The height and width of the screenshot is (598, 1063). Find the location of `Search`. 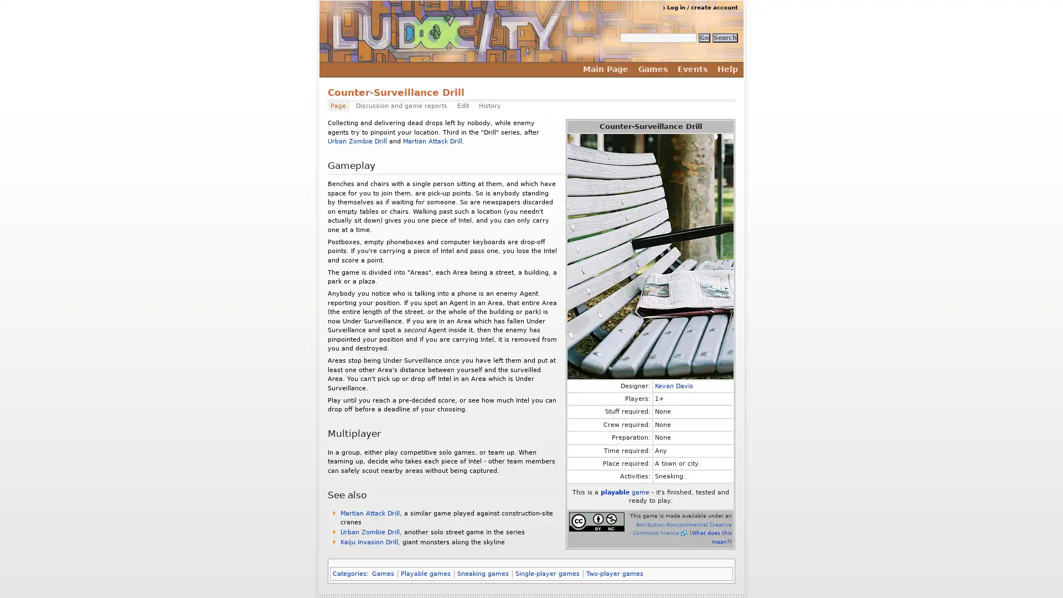

Search is located at coordinates (725, 37).